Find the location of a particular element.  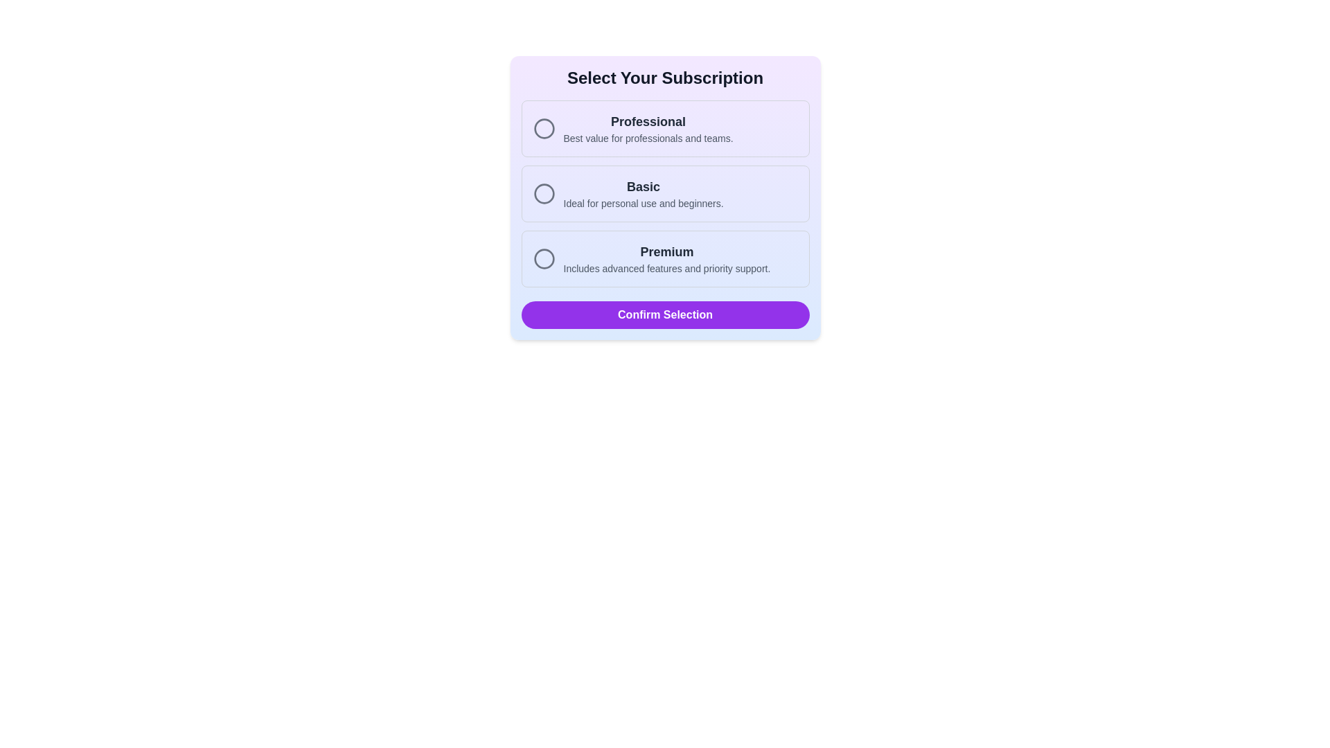

the 'Basic' subscription plan option in the interactive list is located at coordinates (665, 194).